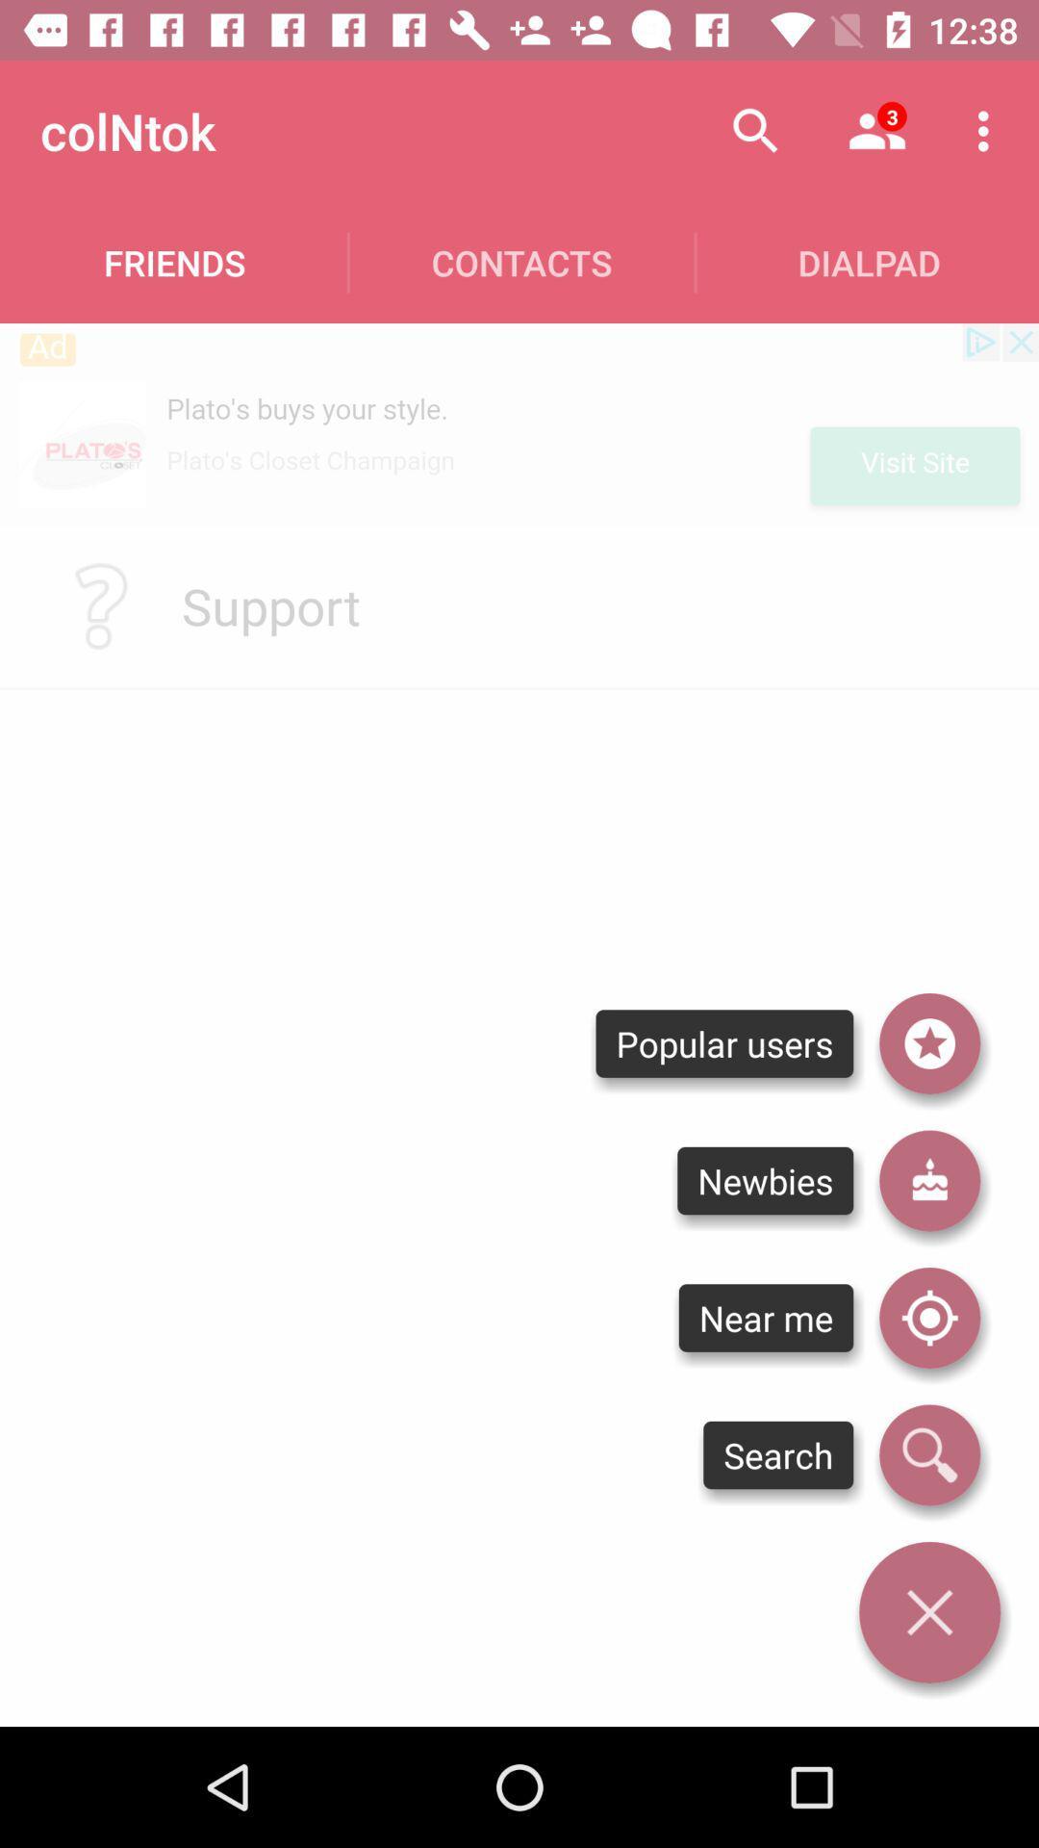 The height and width of the screenshot is (1848, 1039). Describe the element at coordinates (928, 1317) in the screenshot. I see `use location` at that location.